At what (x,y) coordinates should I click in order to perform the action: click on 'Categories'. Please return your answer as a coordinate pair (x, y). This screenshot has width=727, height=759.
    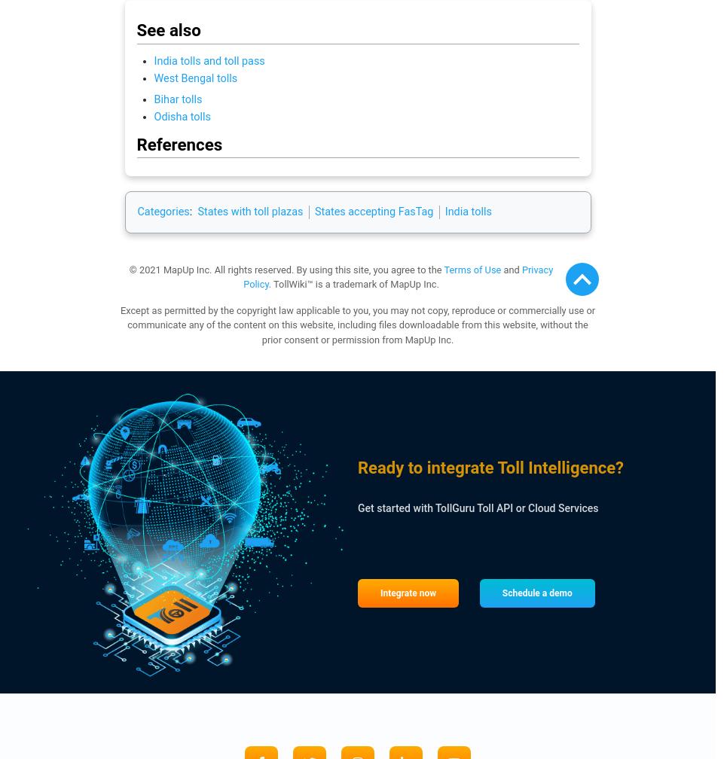
    Looking at the image, I should click on (163, 212).